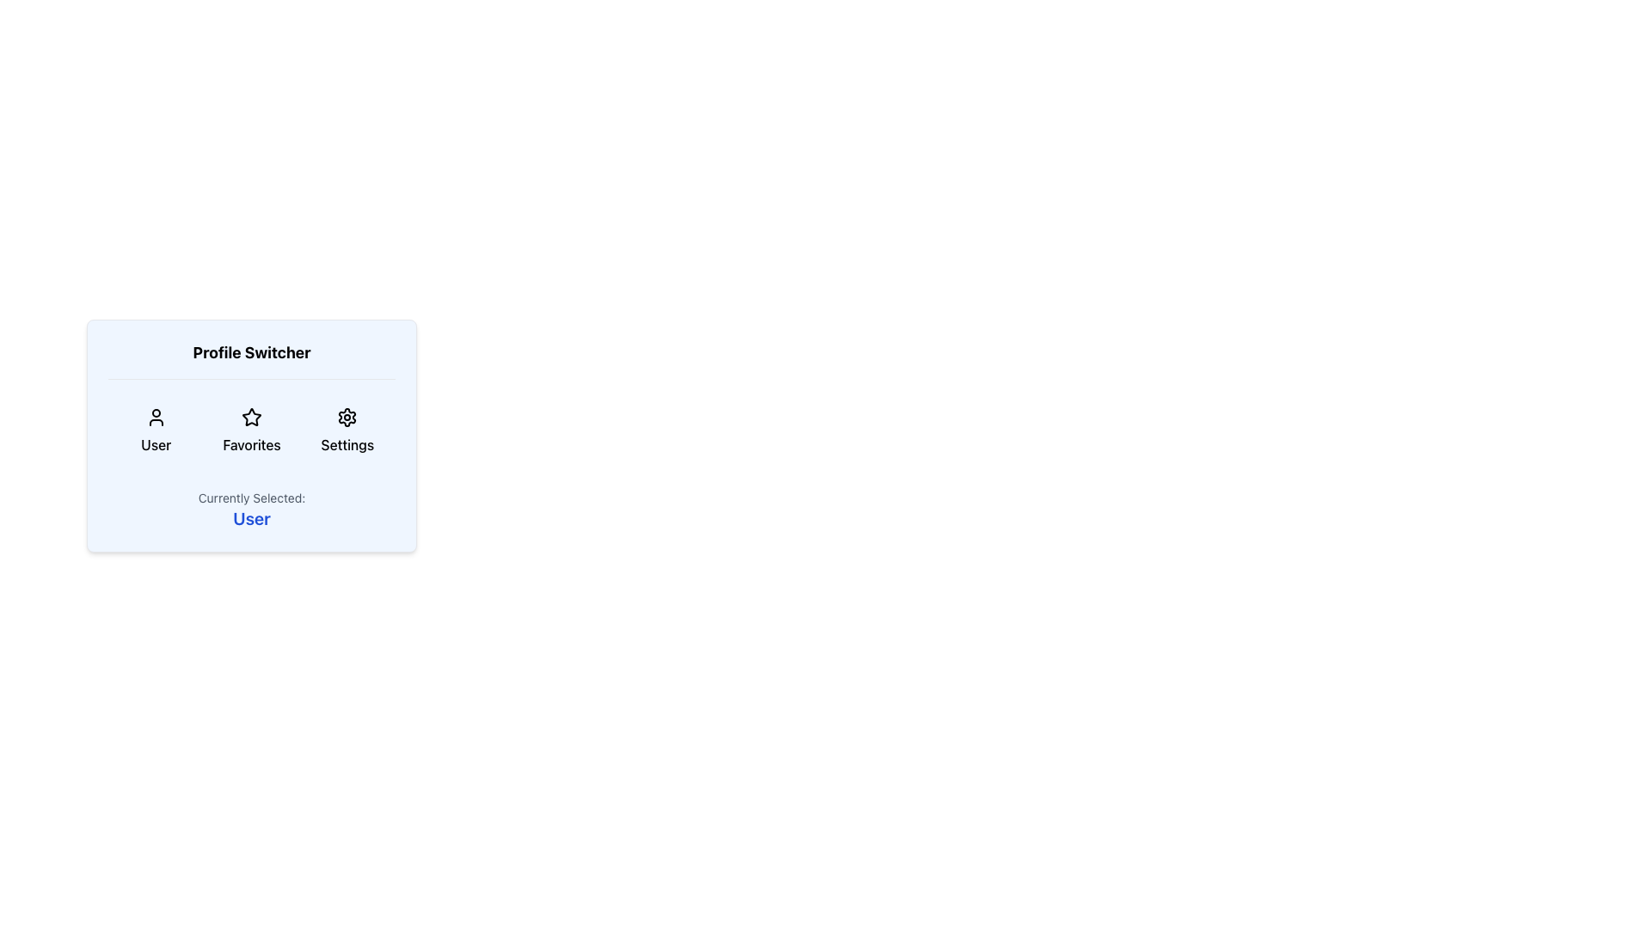 This screenshot has height=928, width=1651. What do you see at coordinates (250, 417) in the screenshot?
I see `the star-shaped icon with a black contour to interact with the Favorites feature` at bounding box center [250, 417].